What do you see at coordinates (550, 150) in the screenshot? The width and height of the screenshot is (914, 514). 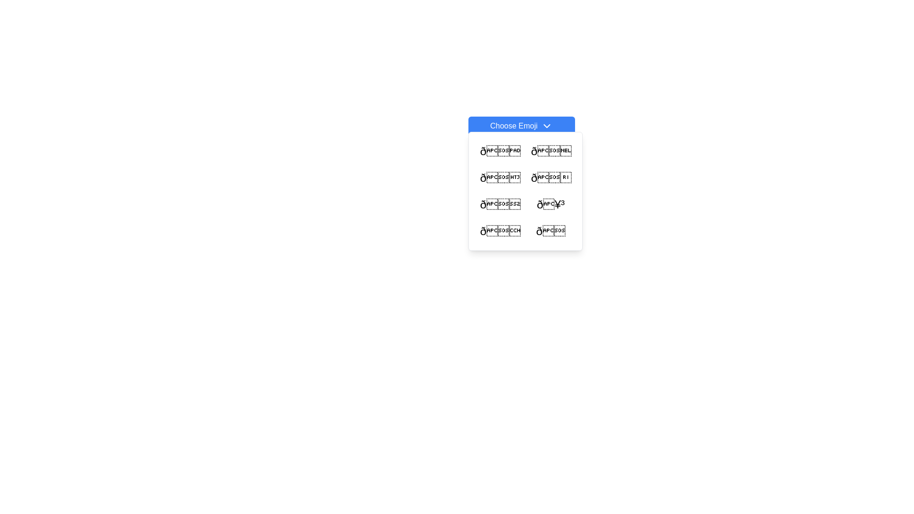 I see `the emoji button located in the first row and second column of the pop-up grid` at bounding box center [550, 150].